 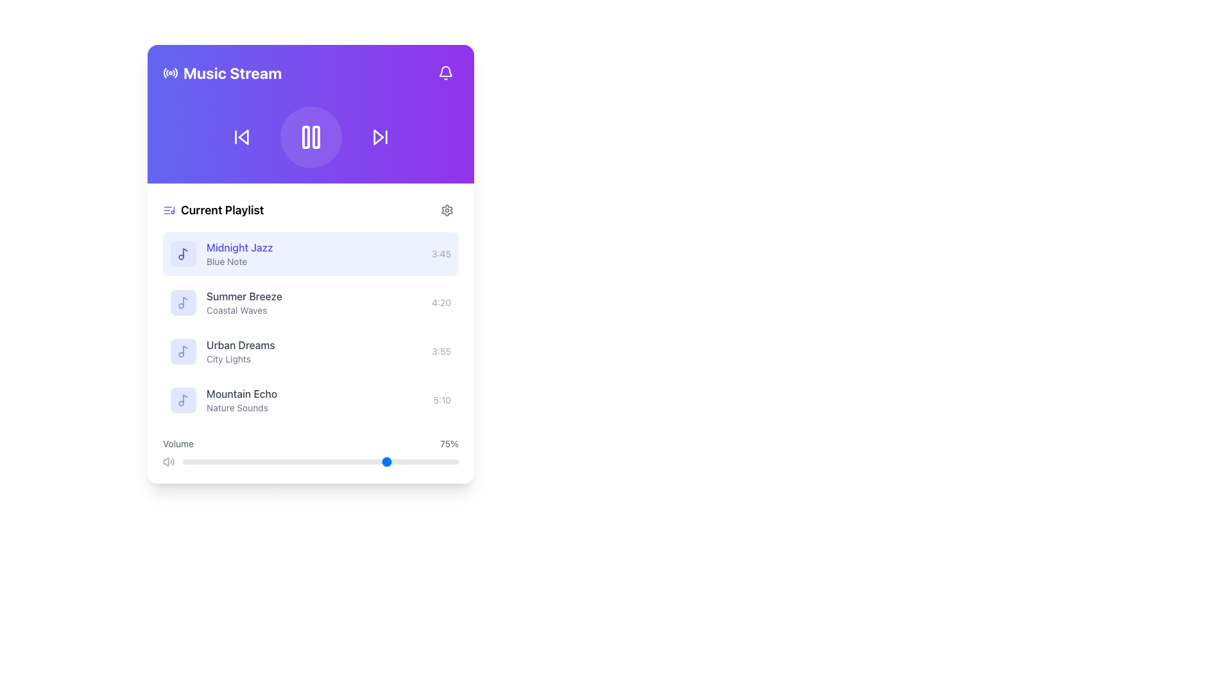 I want to click on the music track icon located in the top-left corner of the highlighted playlist entry titled 'Midnight Jazz' to analyze its style or design, so click(x=183, y=254).